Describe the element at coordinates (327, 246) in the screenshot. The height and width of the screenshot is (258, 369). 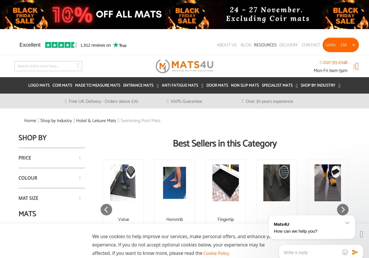
I see `'From: £66,00'` at that location.